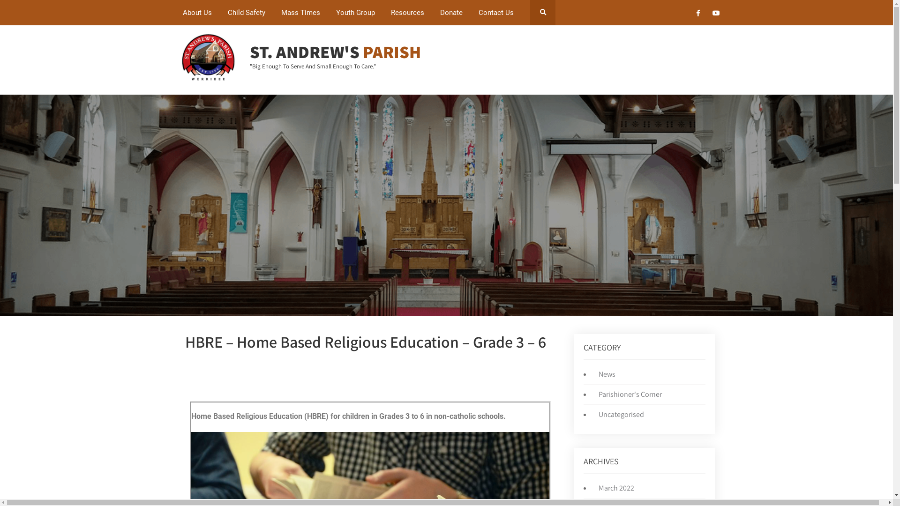 This screenshot has height=506, width=900. I want to click on 'Contact Us', so click(495, 13).